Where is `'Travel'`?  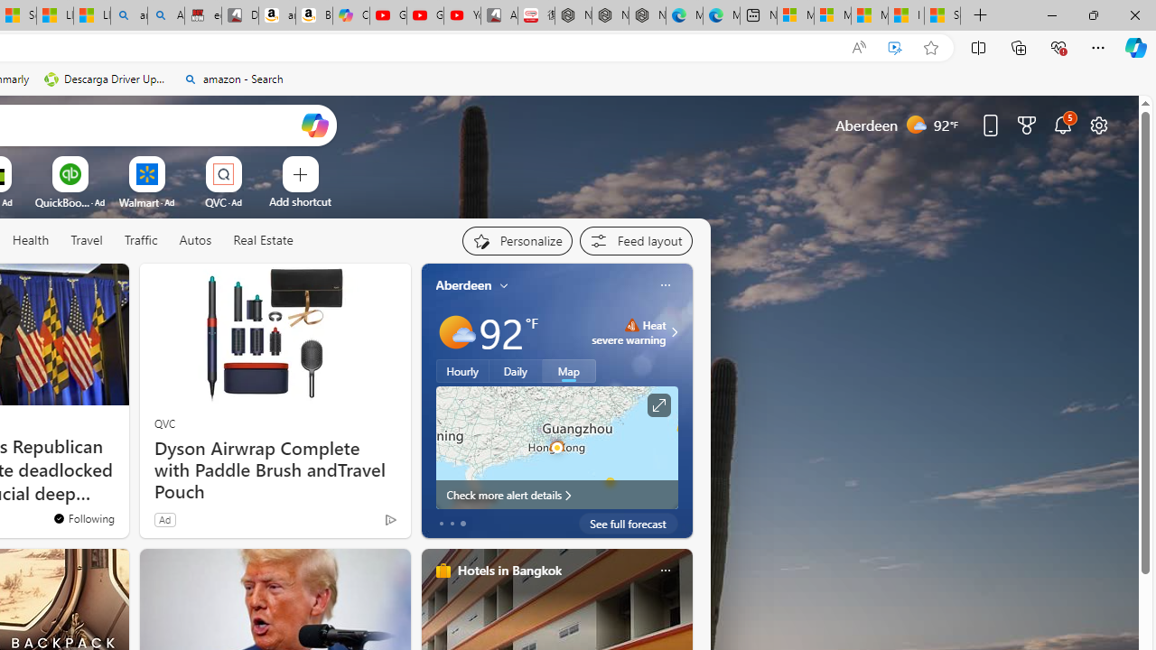
'Travel' is located at coordinates (86, 239).